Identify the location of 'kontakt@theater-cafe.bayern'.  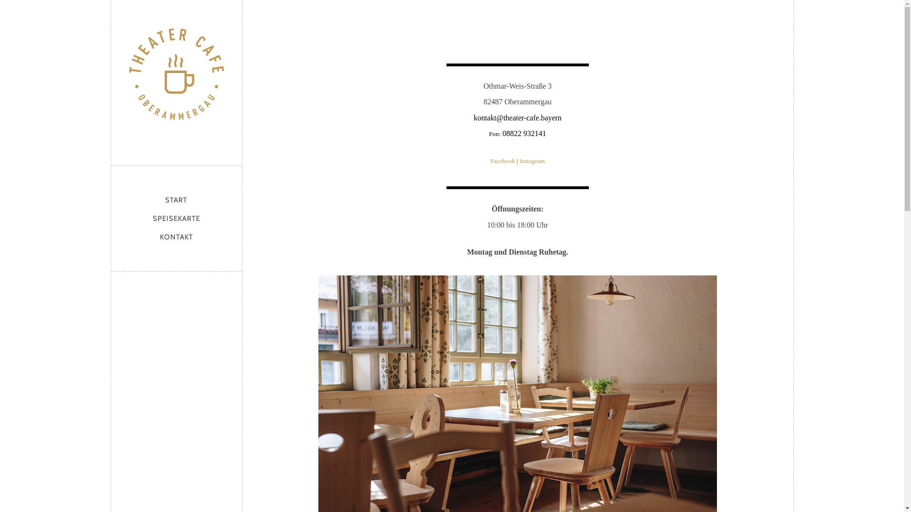
(517, 117).